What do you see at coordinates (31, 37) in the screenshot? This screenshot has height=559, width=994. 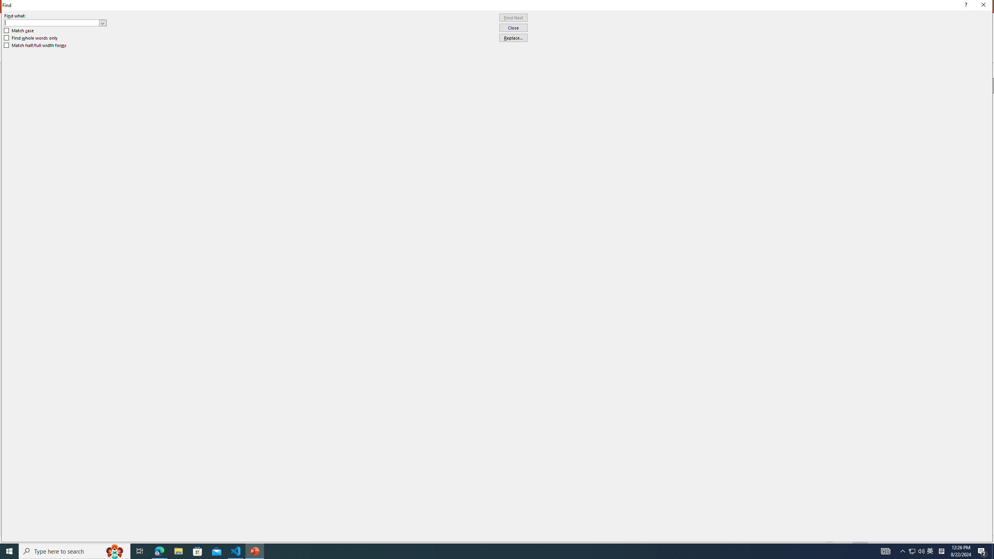 I see `'Find whole words only'` at bounding box center [31, 37].